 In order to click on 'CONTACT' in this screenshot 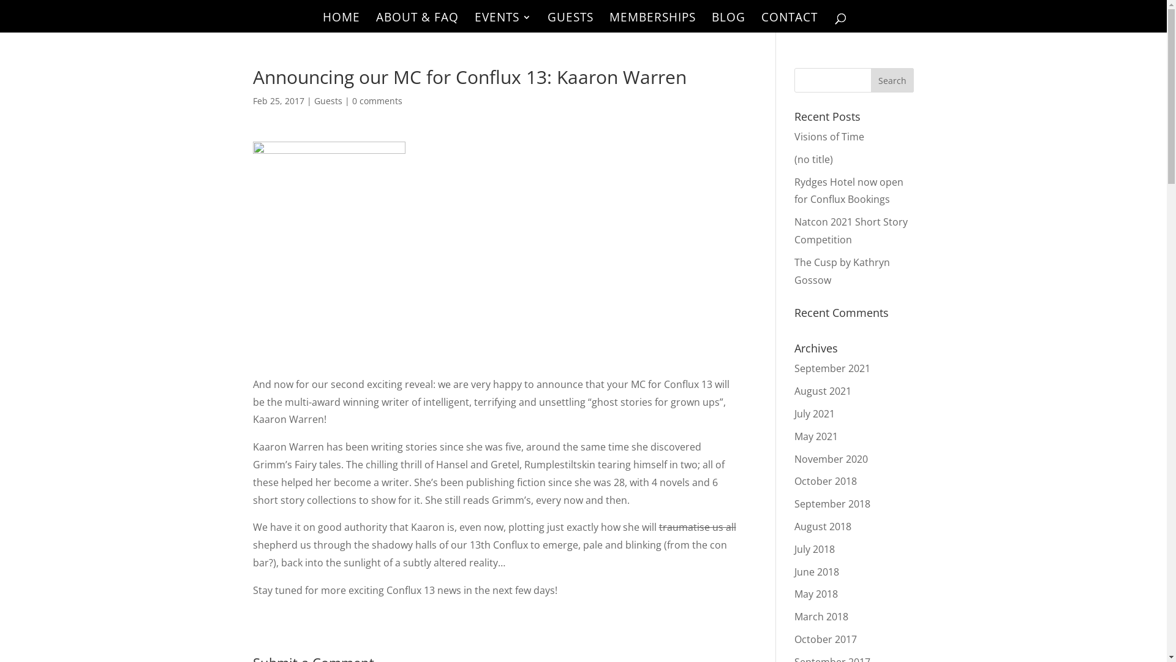, I will do `click(788, 23)`.